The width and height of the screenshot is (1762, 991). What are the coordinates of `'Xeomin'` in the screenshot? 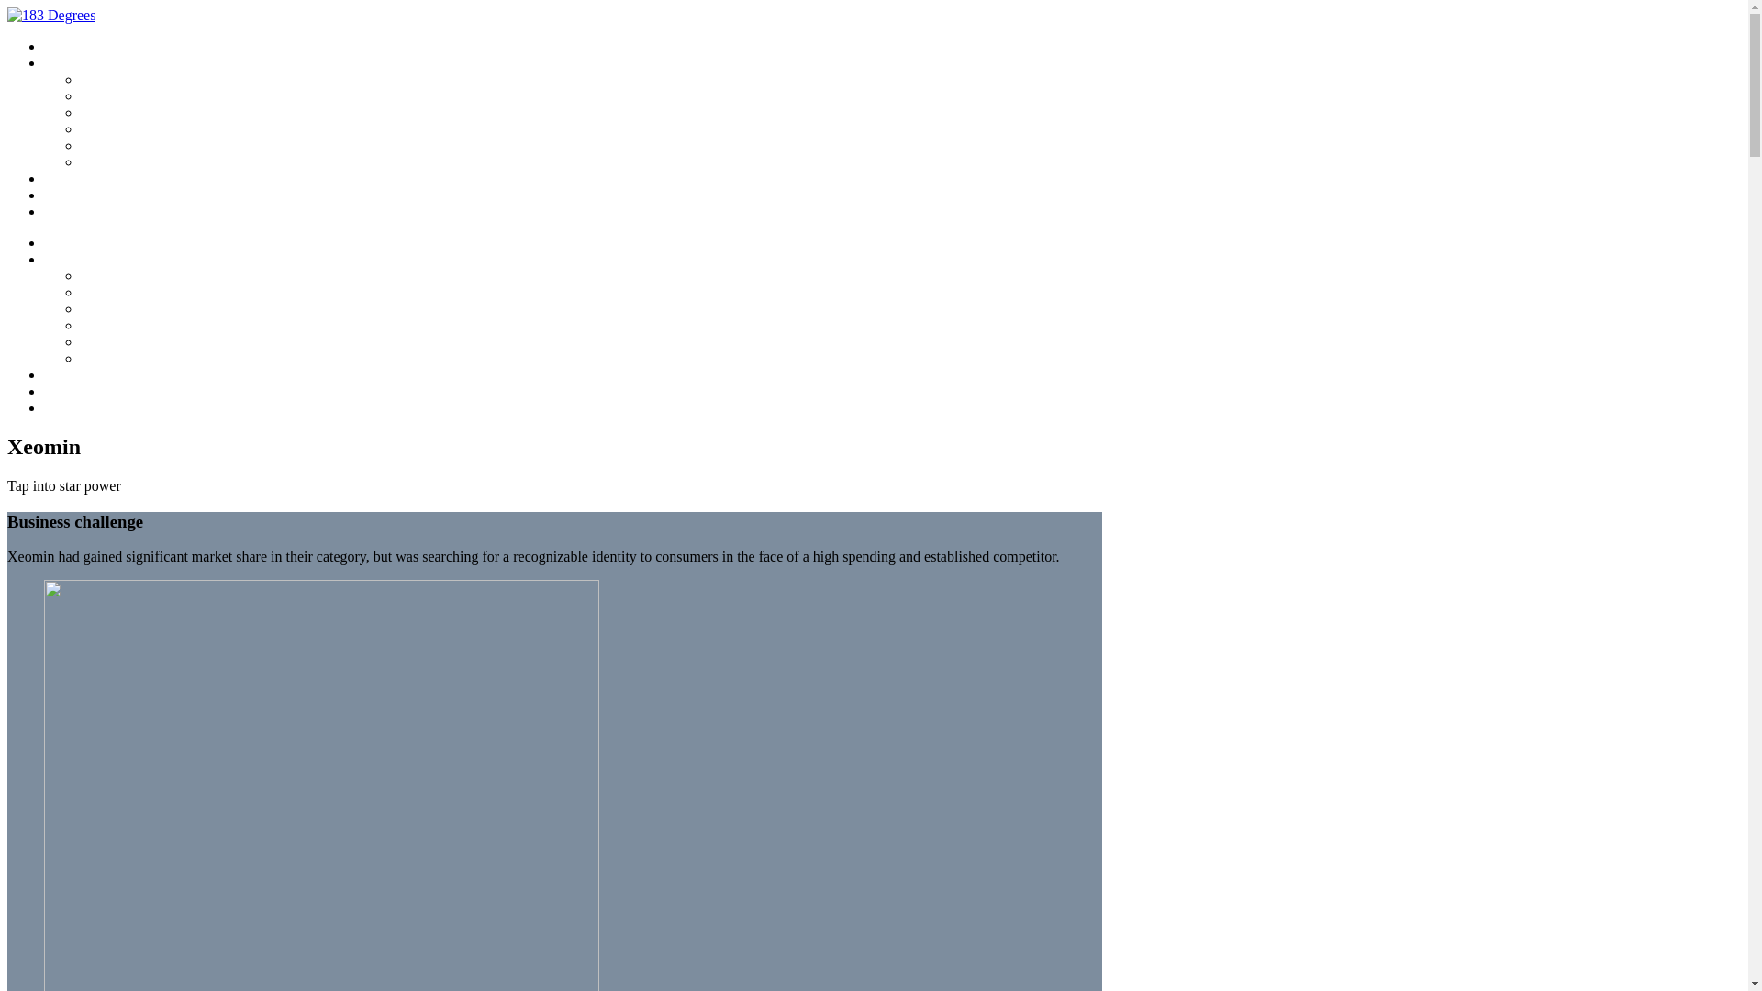 It's located at (101, 161).